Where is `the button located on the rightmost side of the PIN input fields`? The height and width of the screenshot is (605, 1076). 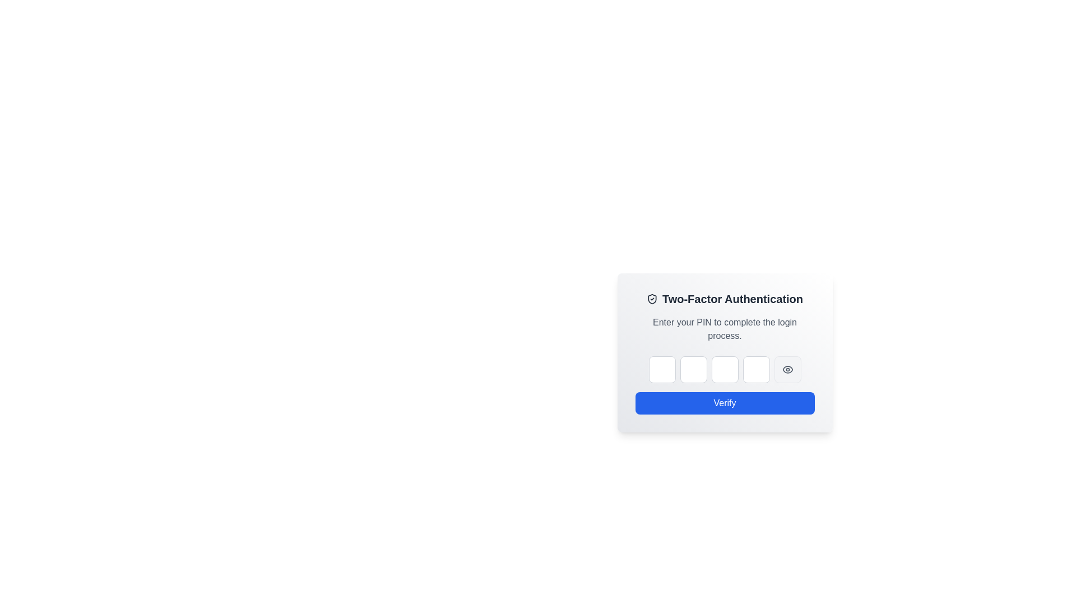
the button located on the rightmost side of the PIN input fields is located at coordinates (787, 369).